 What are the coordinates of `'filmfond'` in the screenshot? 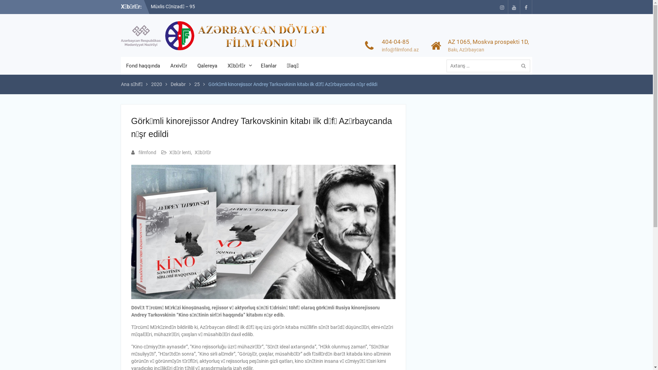 It's located at (147, 152).